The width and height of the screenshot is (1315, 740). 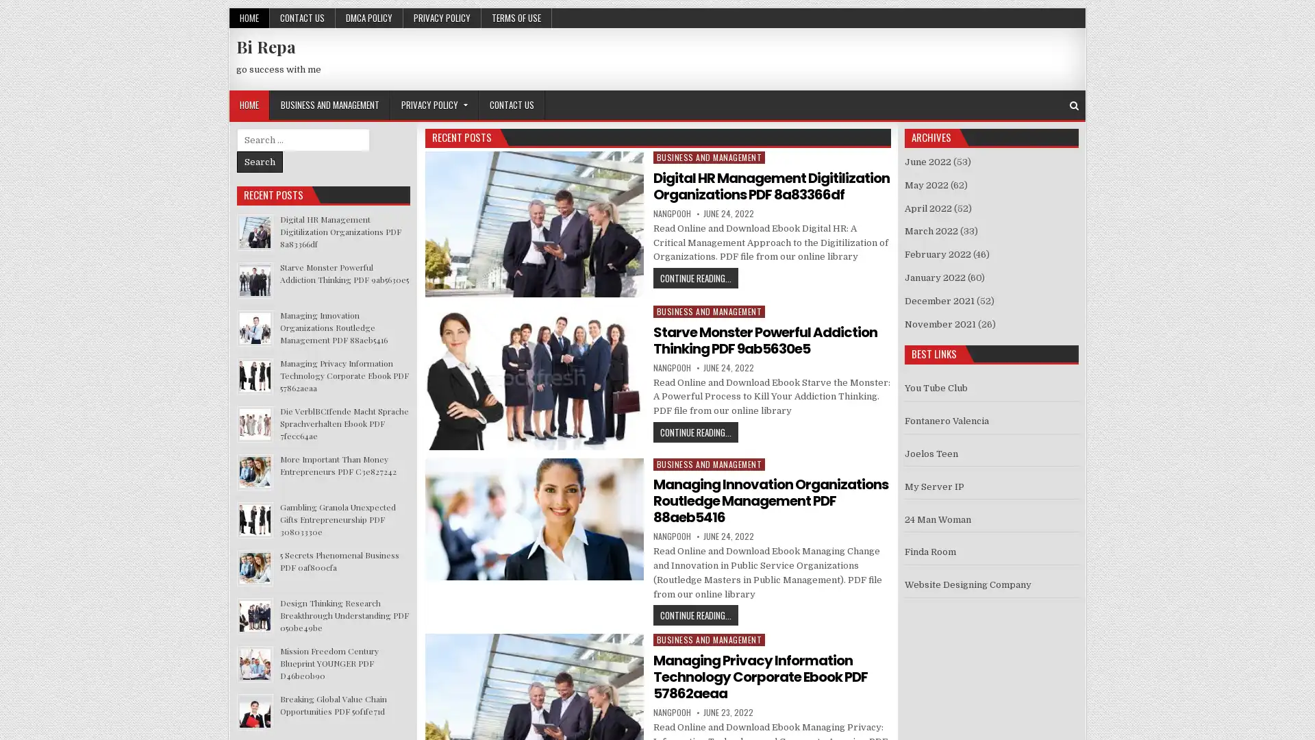 What do you see at coordinates (259, 161) in the screenshot?
I see `Search` at bounding box center [259, 161].